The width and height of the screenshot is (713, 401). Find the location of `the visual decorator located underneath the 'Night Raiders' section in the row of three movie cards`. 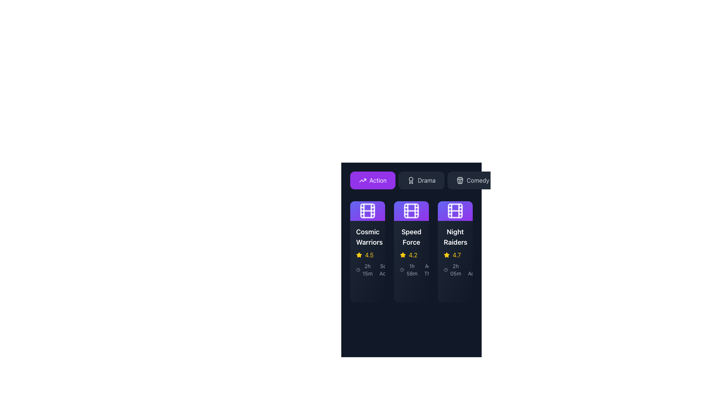

the visual decorator located underneath the 'Night Raiders' section in the row of three movie cards is located at coordinates (446, 288).